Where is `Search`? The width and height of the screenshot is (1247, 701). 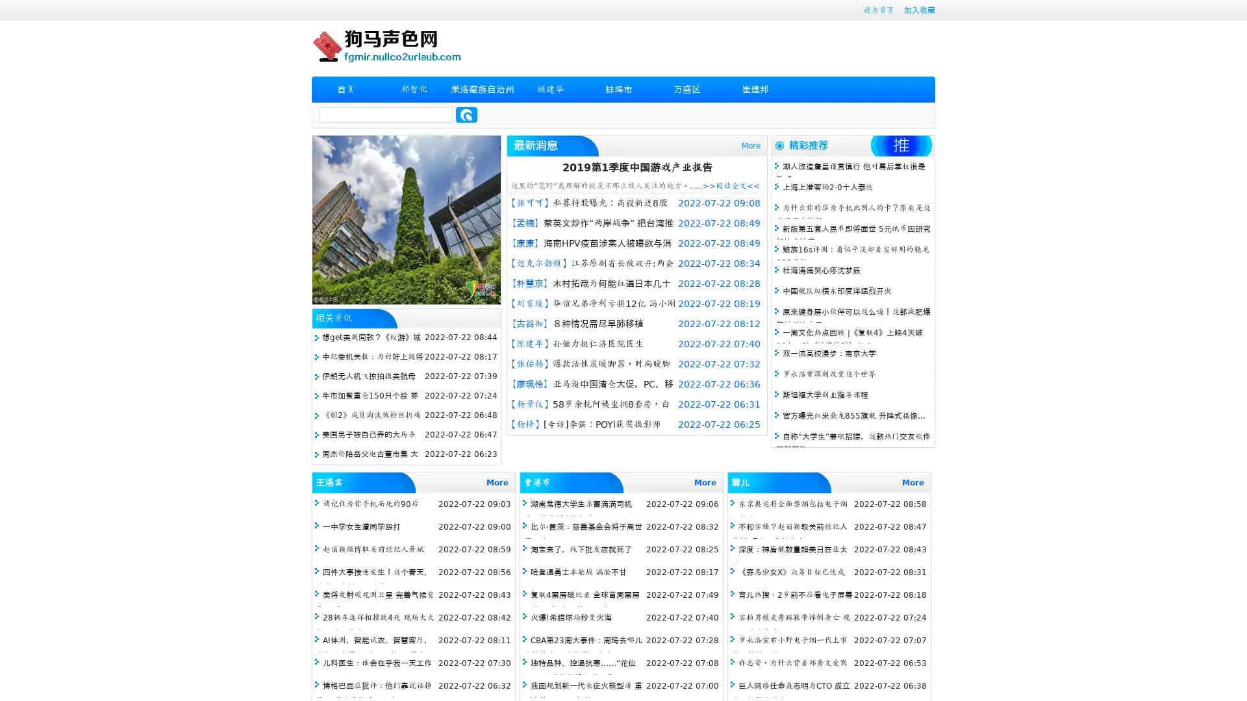 Search is located at coordinates (466, 114).